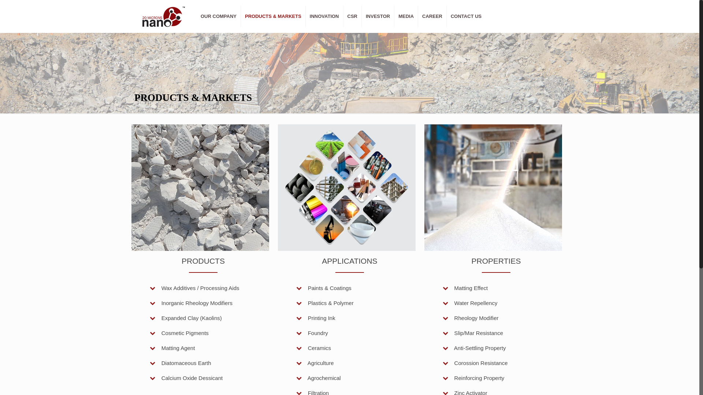 The image size is (703, 395). What do you see at coordinates (432, 16) in the screenshot?
I see `'CAREER'` at bounding box center [432, 16].